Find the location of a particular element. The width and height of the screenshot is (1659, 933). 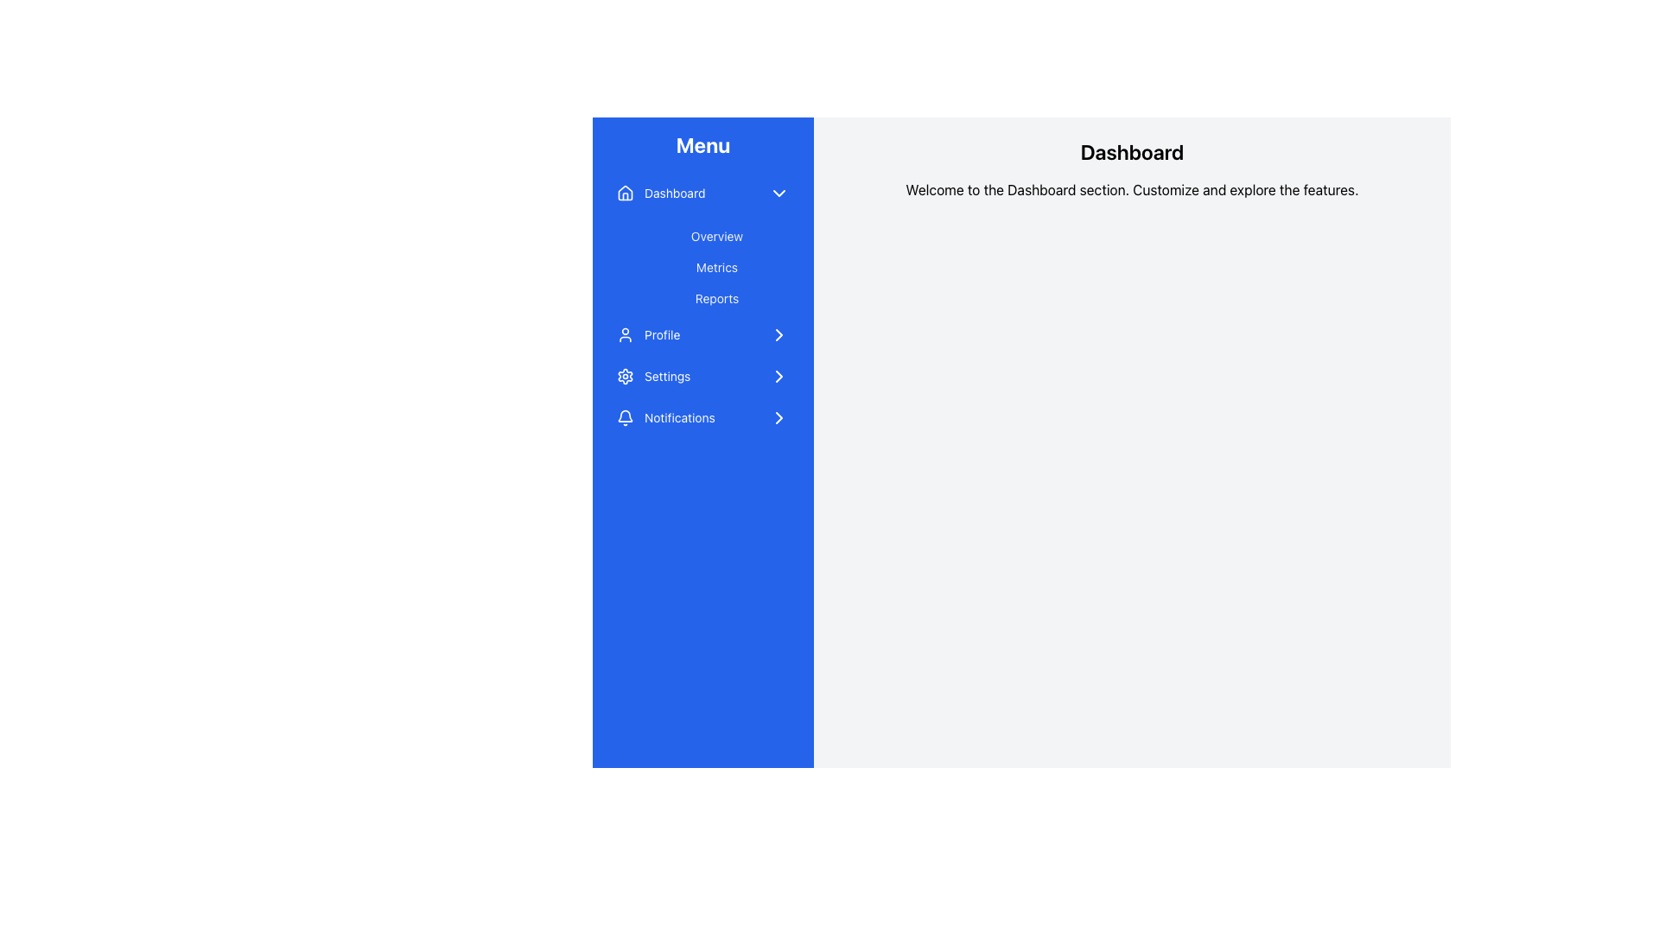

the 'Metrics' button, which is a horizontally aligned text button with a blue background and white text, located in the vertical navigation menu on the left side of the interface, positioned between the 'Overview' and 'Reports' elements is located at coordinates (717, 267).